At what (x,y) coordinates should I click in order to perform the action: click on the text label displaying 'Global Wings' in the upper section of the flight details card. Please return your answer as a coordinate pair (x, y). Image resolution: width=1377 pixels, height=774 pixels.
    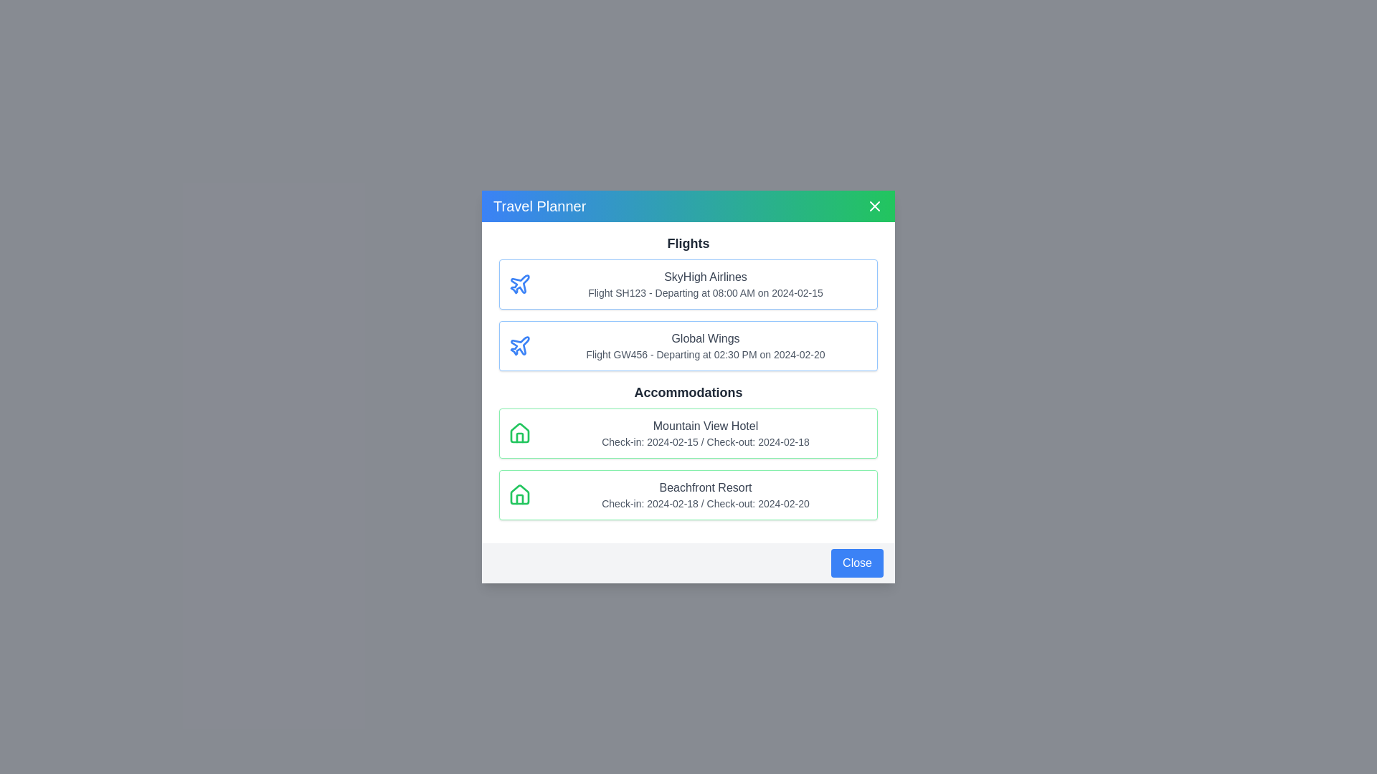
    Looking at the image, I should click on (705, 339).